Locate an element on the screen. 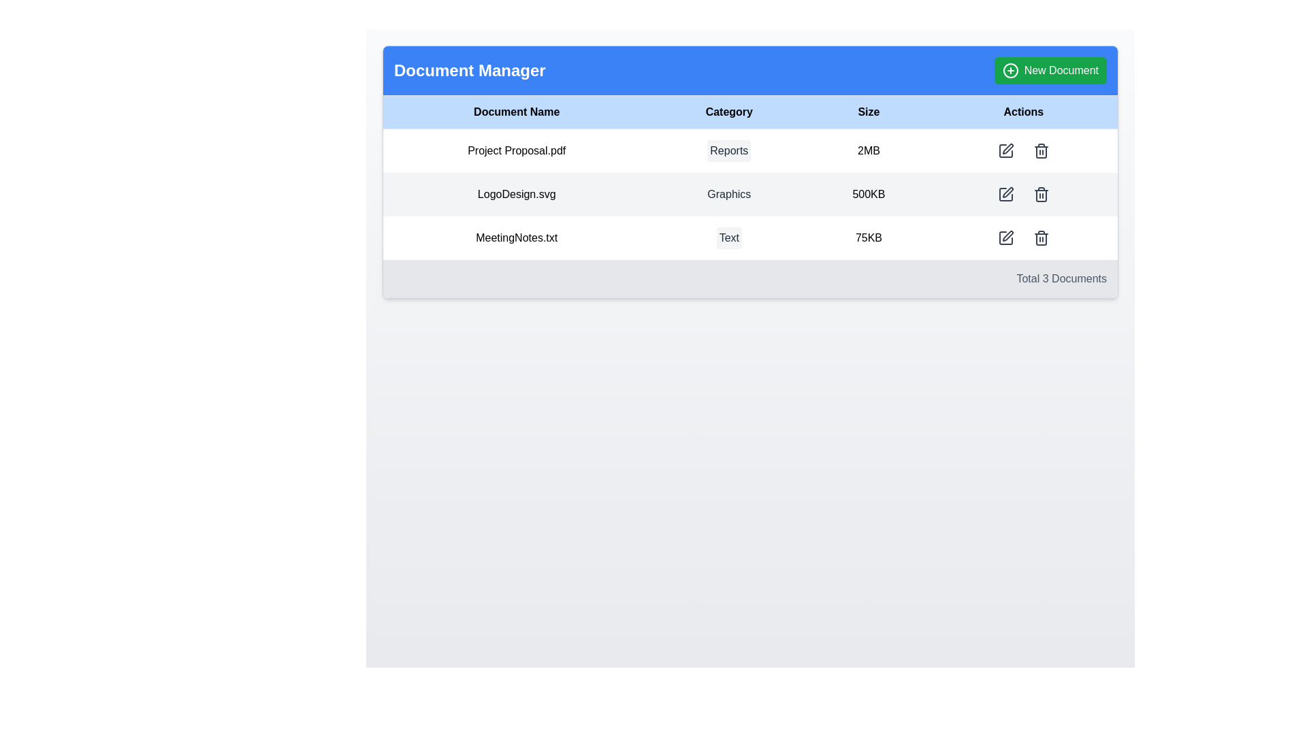 This screenshot has height=735, width=1307. the small rectangular badge with rounded corners and light gray background containing the text 'Text' in dark gray font, located in the 'Category' column corresponding to 'MeetingNotes.txt' is located at coordinates (728, 238).